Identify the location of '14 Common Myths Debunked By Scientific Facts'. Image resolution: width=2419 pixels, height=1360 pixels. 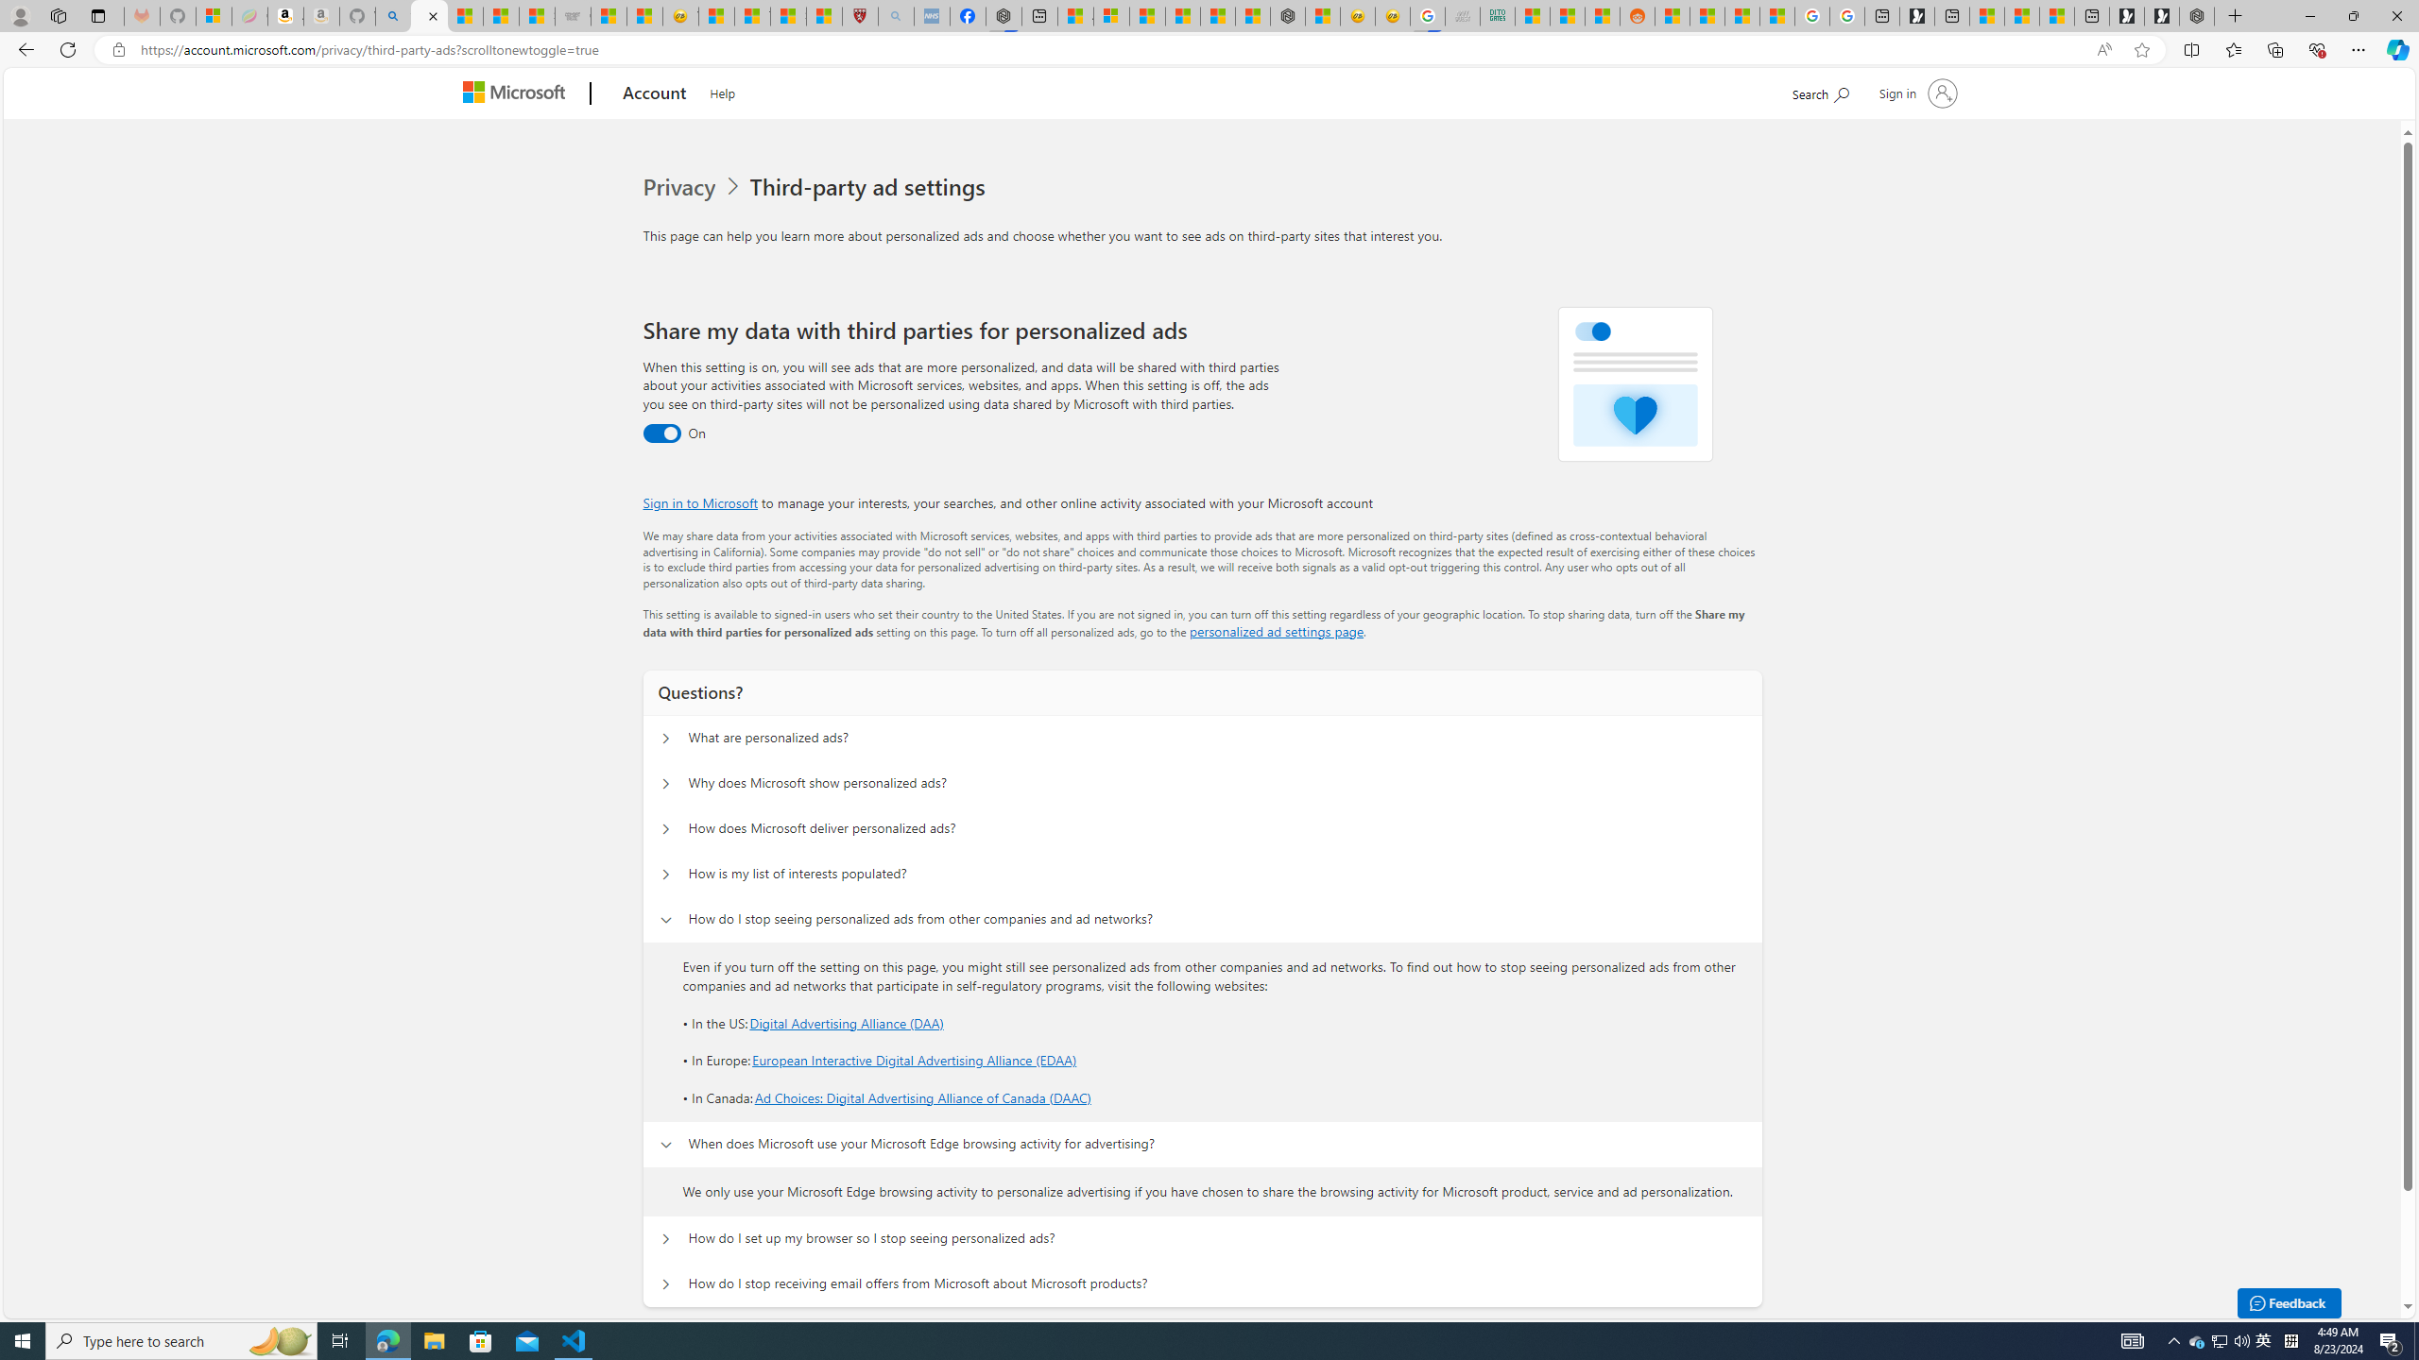
(1217, 15).